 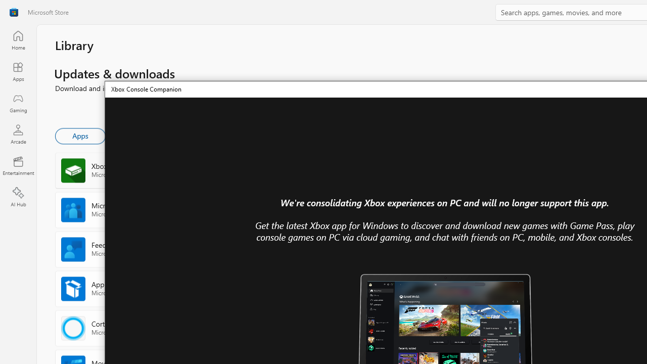 I want to click on 'Arcade', so click(x=18, y=133).